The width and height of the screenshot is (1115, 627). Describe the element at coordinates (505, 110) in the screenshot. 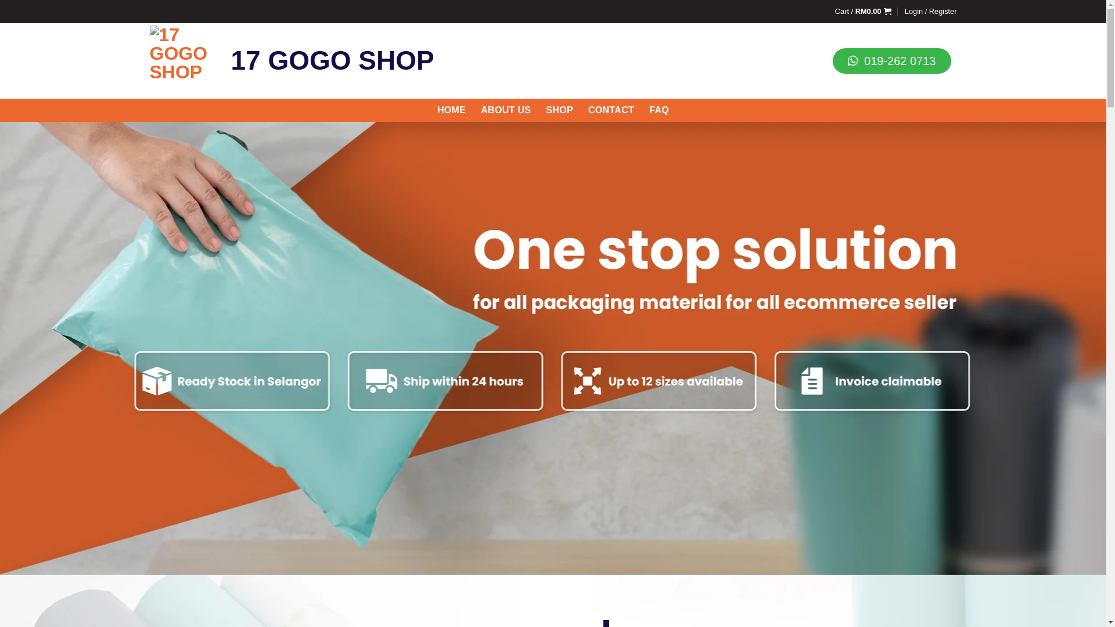

I see `'ABOUT US'` at that location.